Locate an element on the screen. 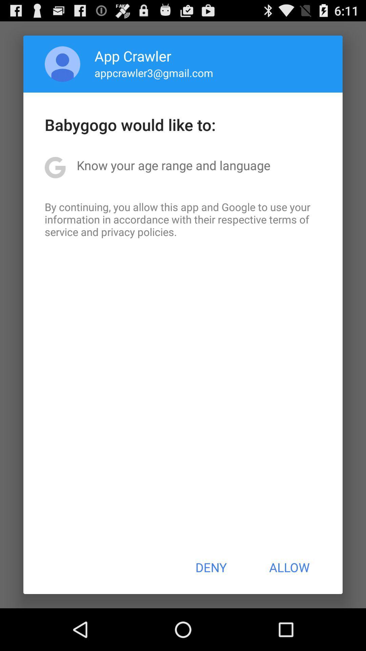 The width and height of the screenshot is (366, 651). deny item is located at coordinates (210, 567).